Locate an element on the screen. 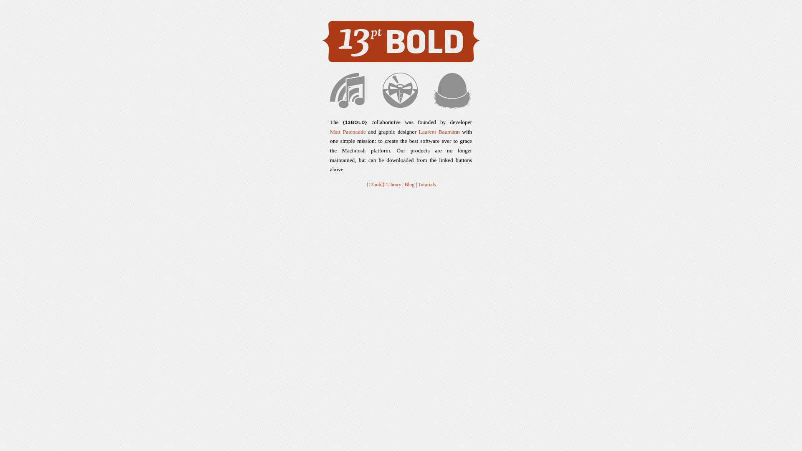 This screenshot has height=451, width=802. 'Tutorials' is located at coordinates (427, 184).